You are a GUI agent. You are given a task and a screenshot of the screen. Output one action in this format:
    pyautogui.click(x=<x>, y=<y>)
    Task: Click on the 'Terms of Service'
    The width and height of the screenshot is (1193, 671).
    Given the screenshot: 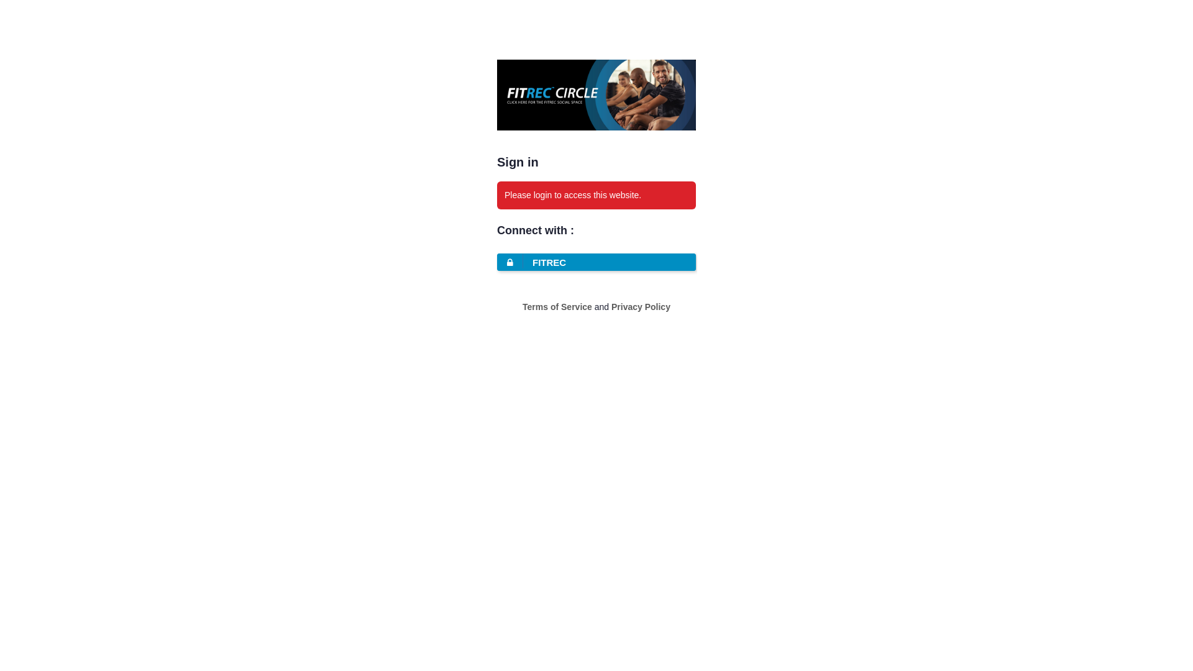 What is the action you would take?
    pyautogui.click(x=522, y=306)
    